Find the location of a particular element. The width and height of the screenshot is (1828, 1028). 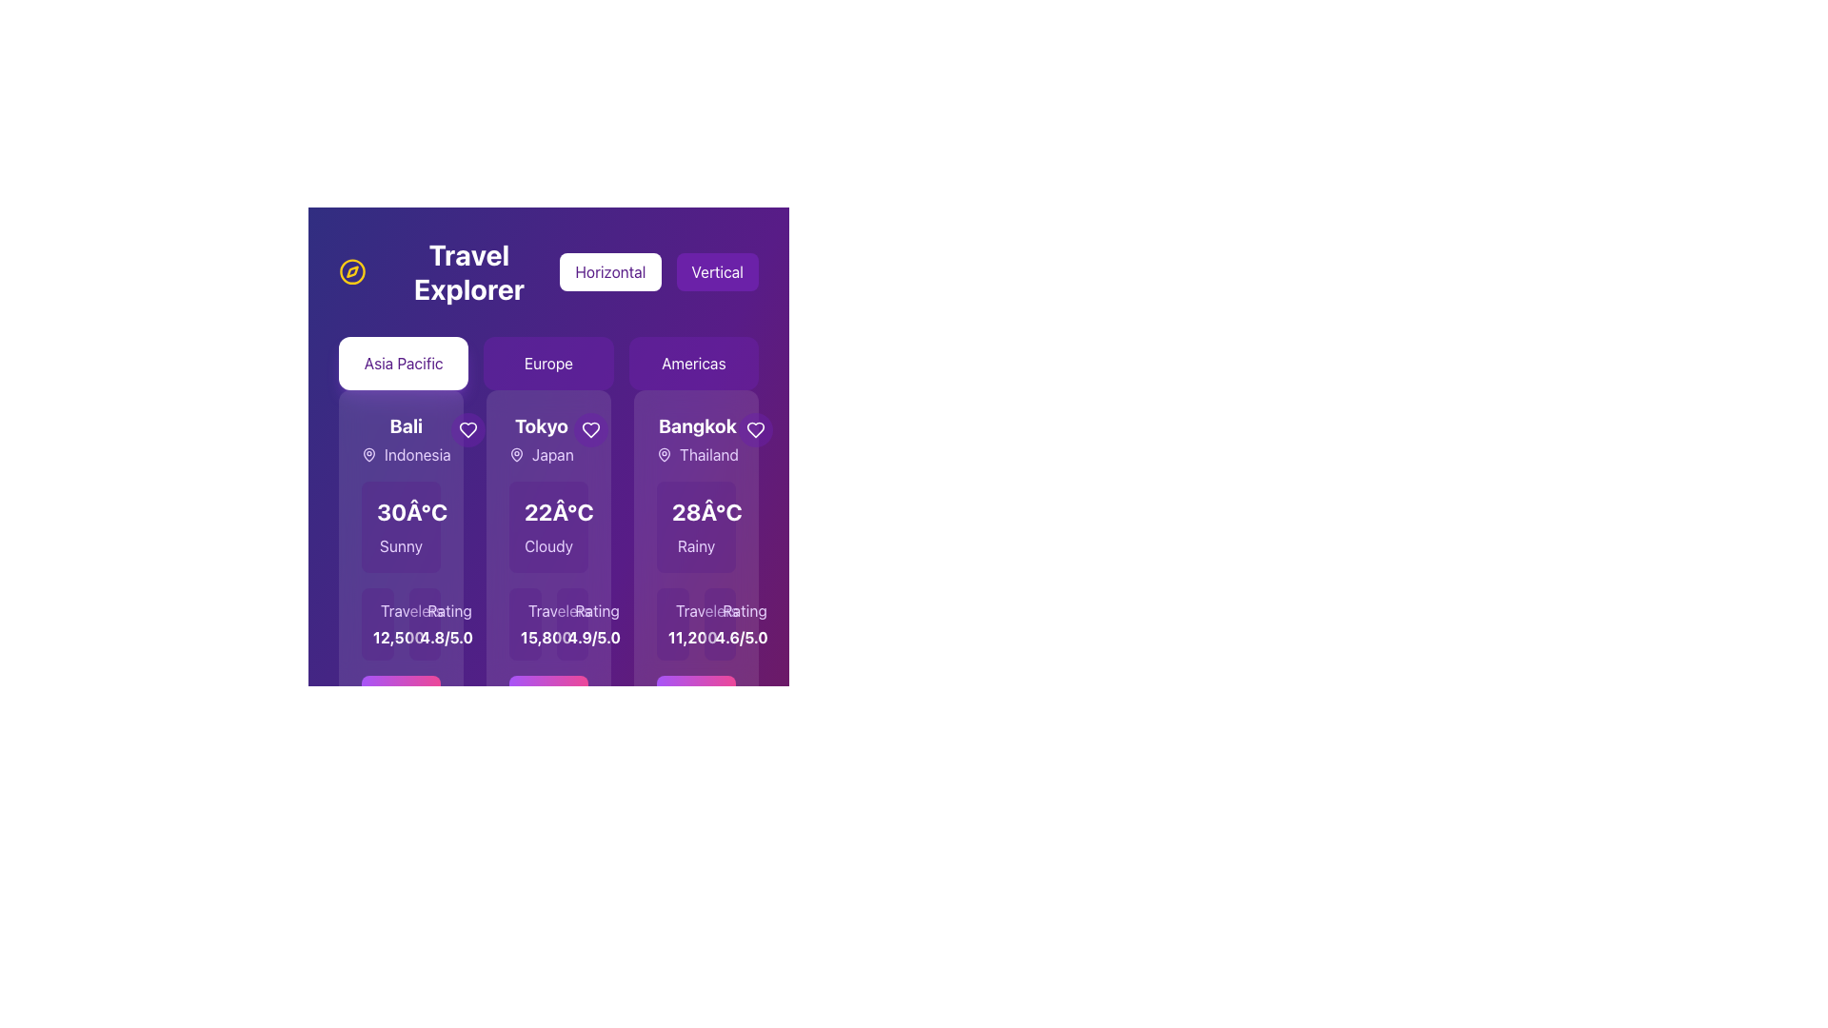

the heart-shaped icon with a purple-tinged background located in the second column under 'Tokyo, Japan' in the 'Travel Explorer' UI to mark it as a favorite is located at coordinates (589, 429).